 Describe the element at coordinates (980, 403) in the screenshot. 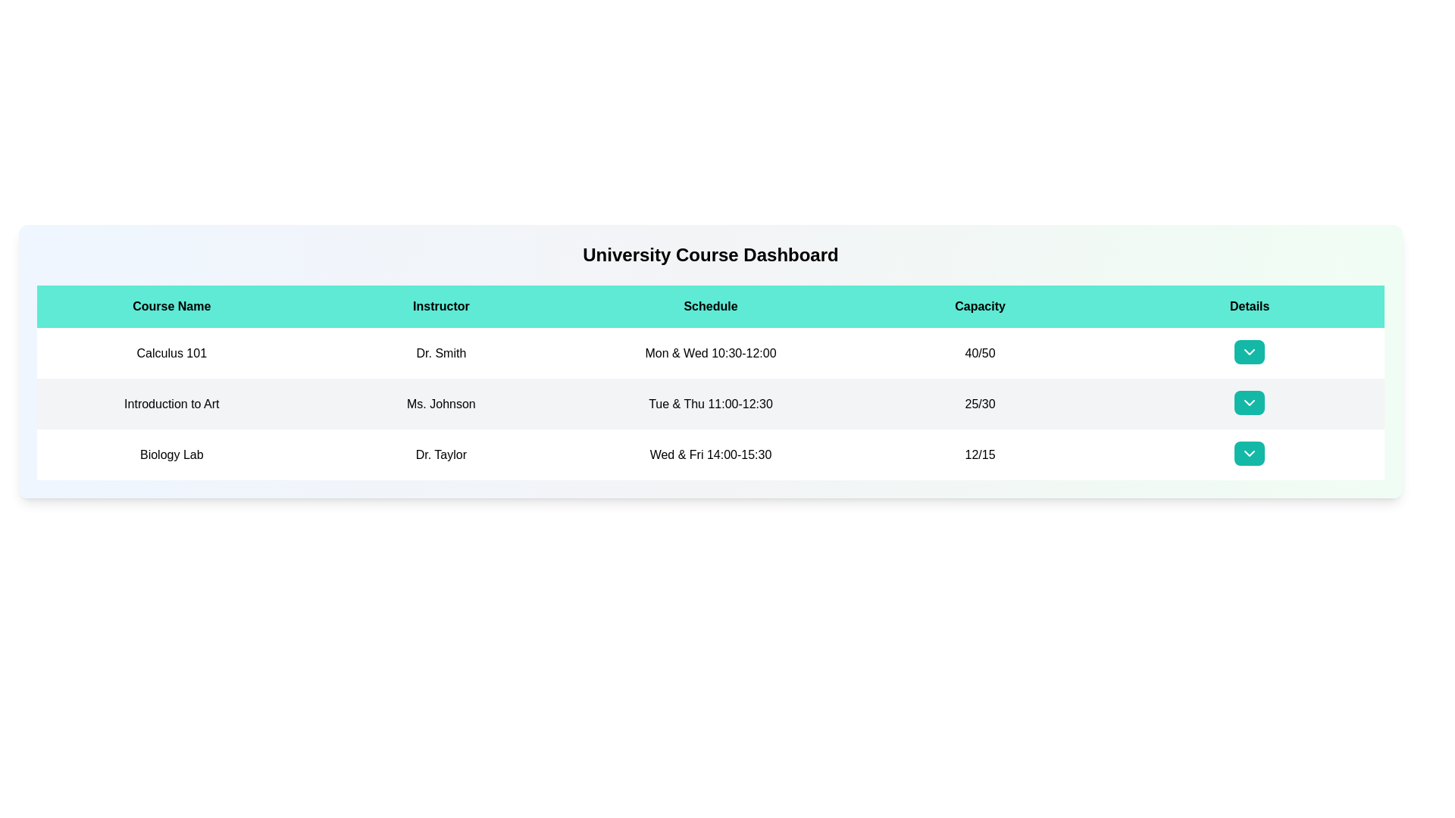

I see `the static informational text displaying '25/30' in the Capacity column of the 'Introduction to Art' course, which is styled in a simple font on a light gray background` at that location.